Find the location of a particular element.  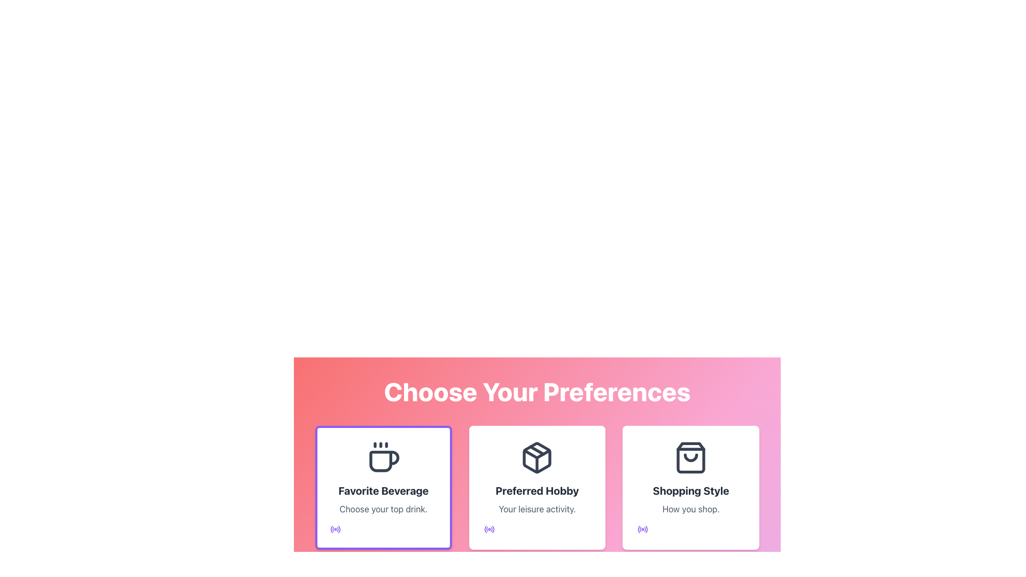

information displayed in the text label that says 'How you shop.' which is styled with a base text size and gray color, located under the 'Shopping Style' label in the third column of a three-column grid is located at coordinates (691, 508).